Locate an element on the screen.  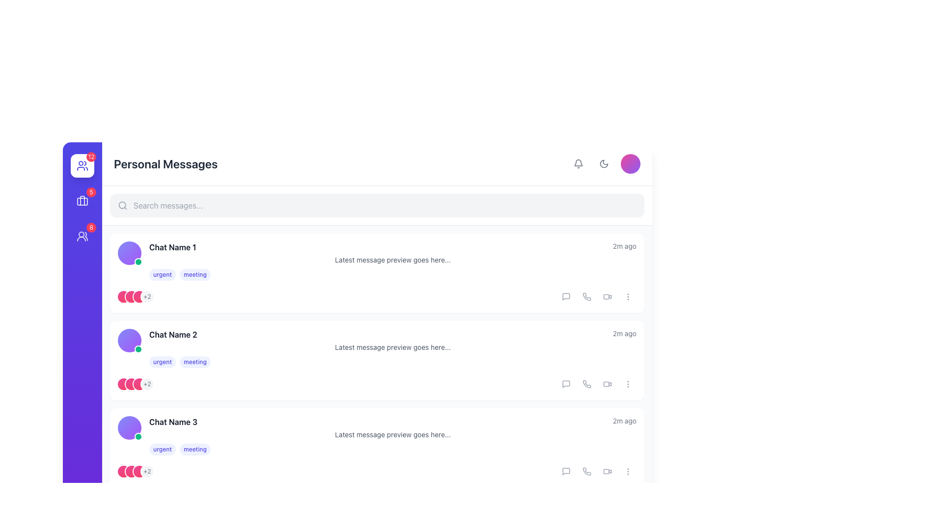
the phone icon button is located at coordinates (587, 471).